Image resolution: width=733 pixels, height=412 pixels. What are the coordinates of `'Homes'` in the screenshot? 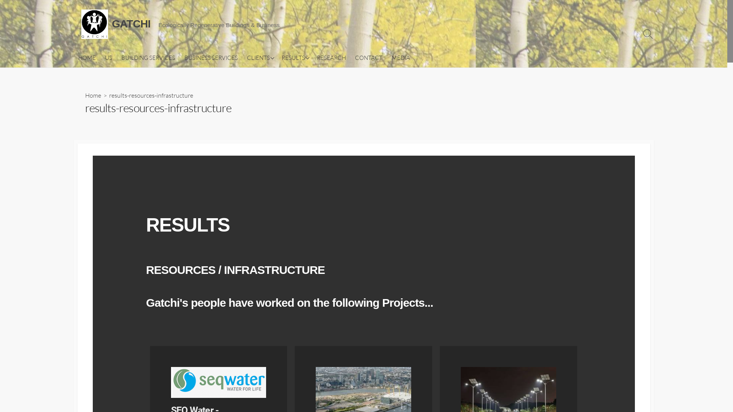 It's located at (315, 56).